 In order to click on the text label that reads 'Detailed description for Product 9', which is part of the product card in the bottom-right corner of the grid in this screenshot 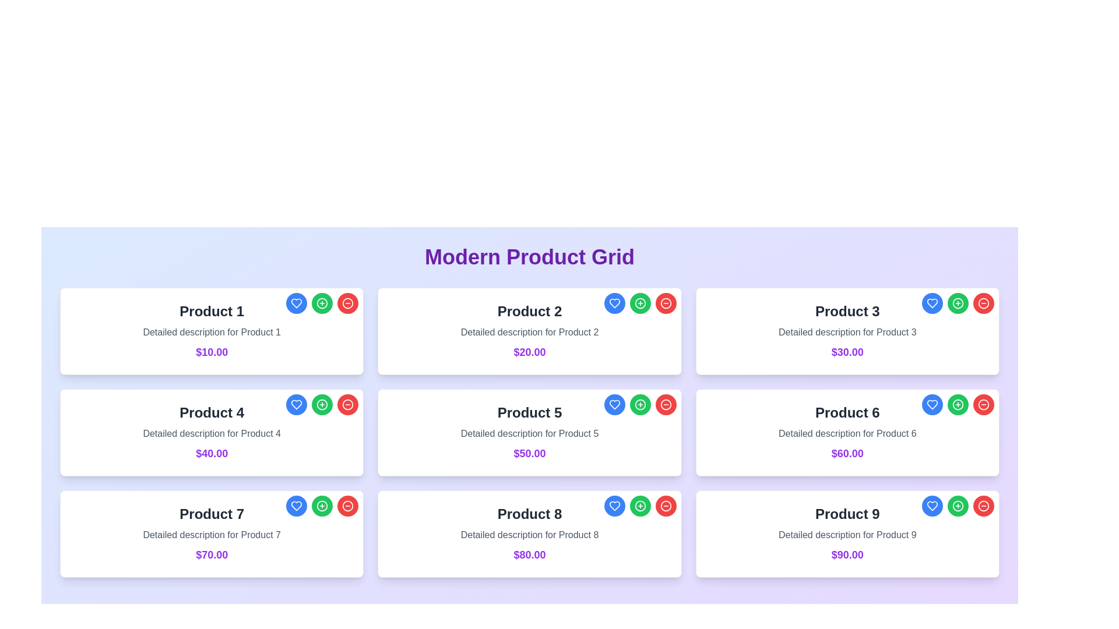, I will do `click(847, 535)`.